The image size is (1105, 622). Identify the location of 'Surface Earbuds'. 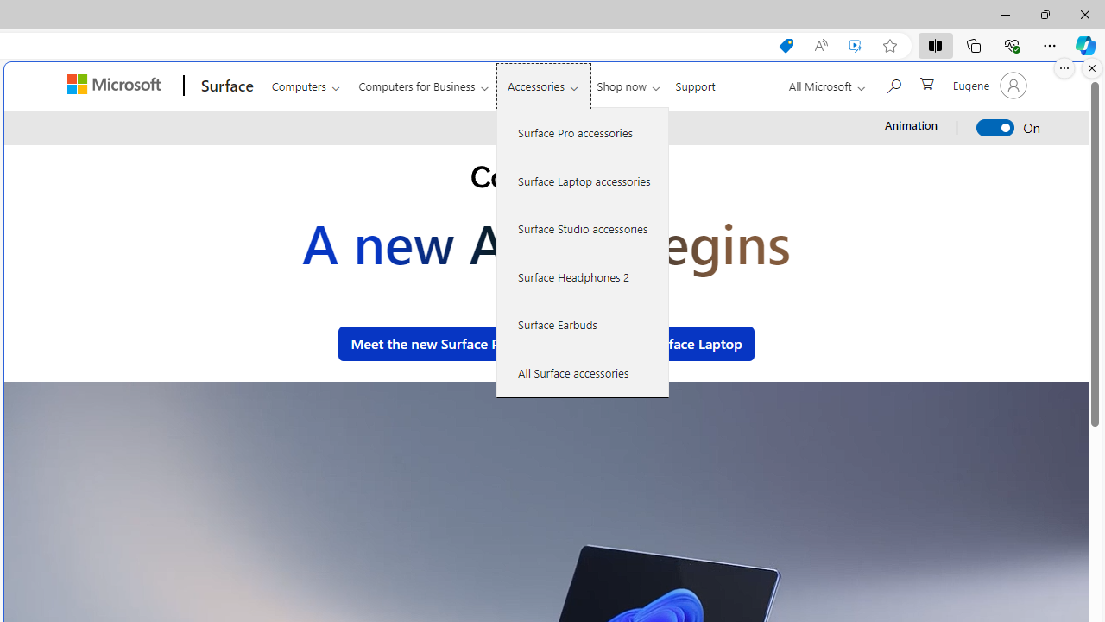
(583, 324).